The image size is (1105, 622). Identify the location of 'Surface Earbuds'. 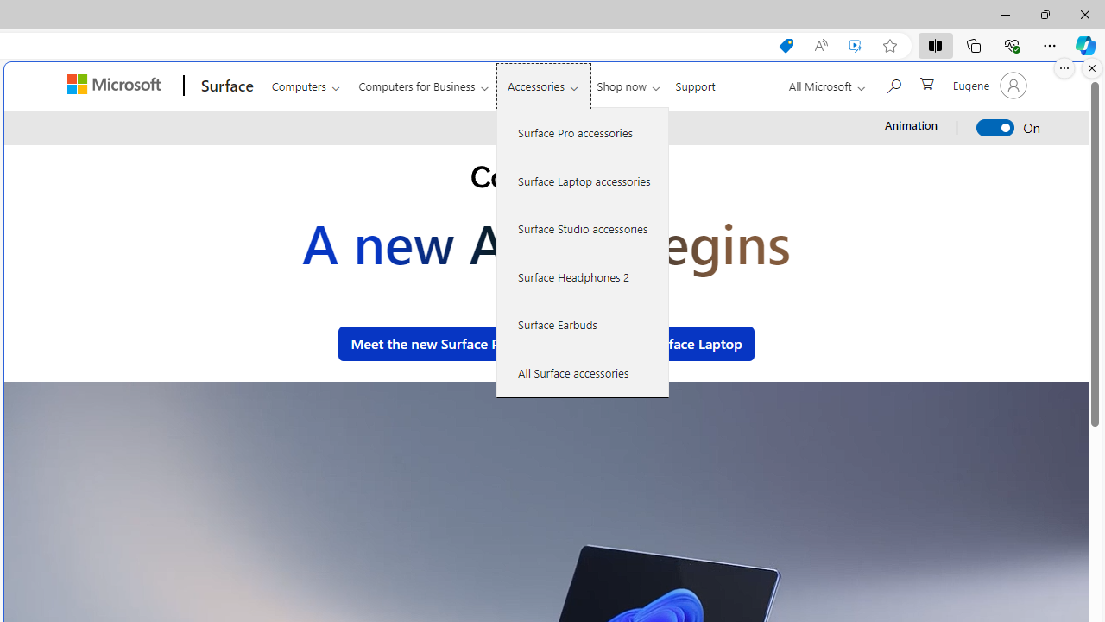
(583, 324).